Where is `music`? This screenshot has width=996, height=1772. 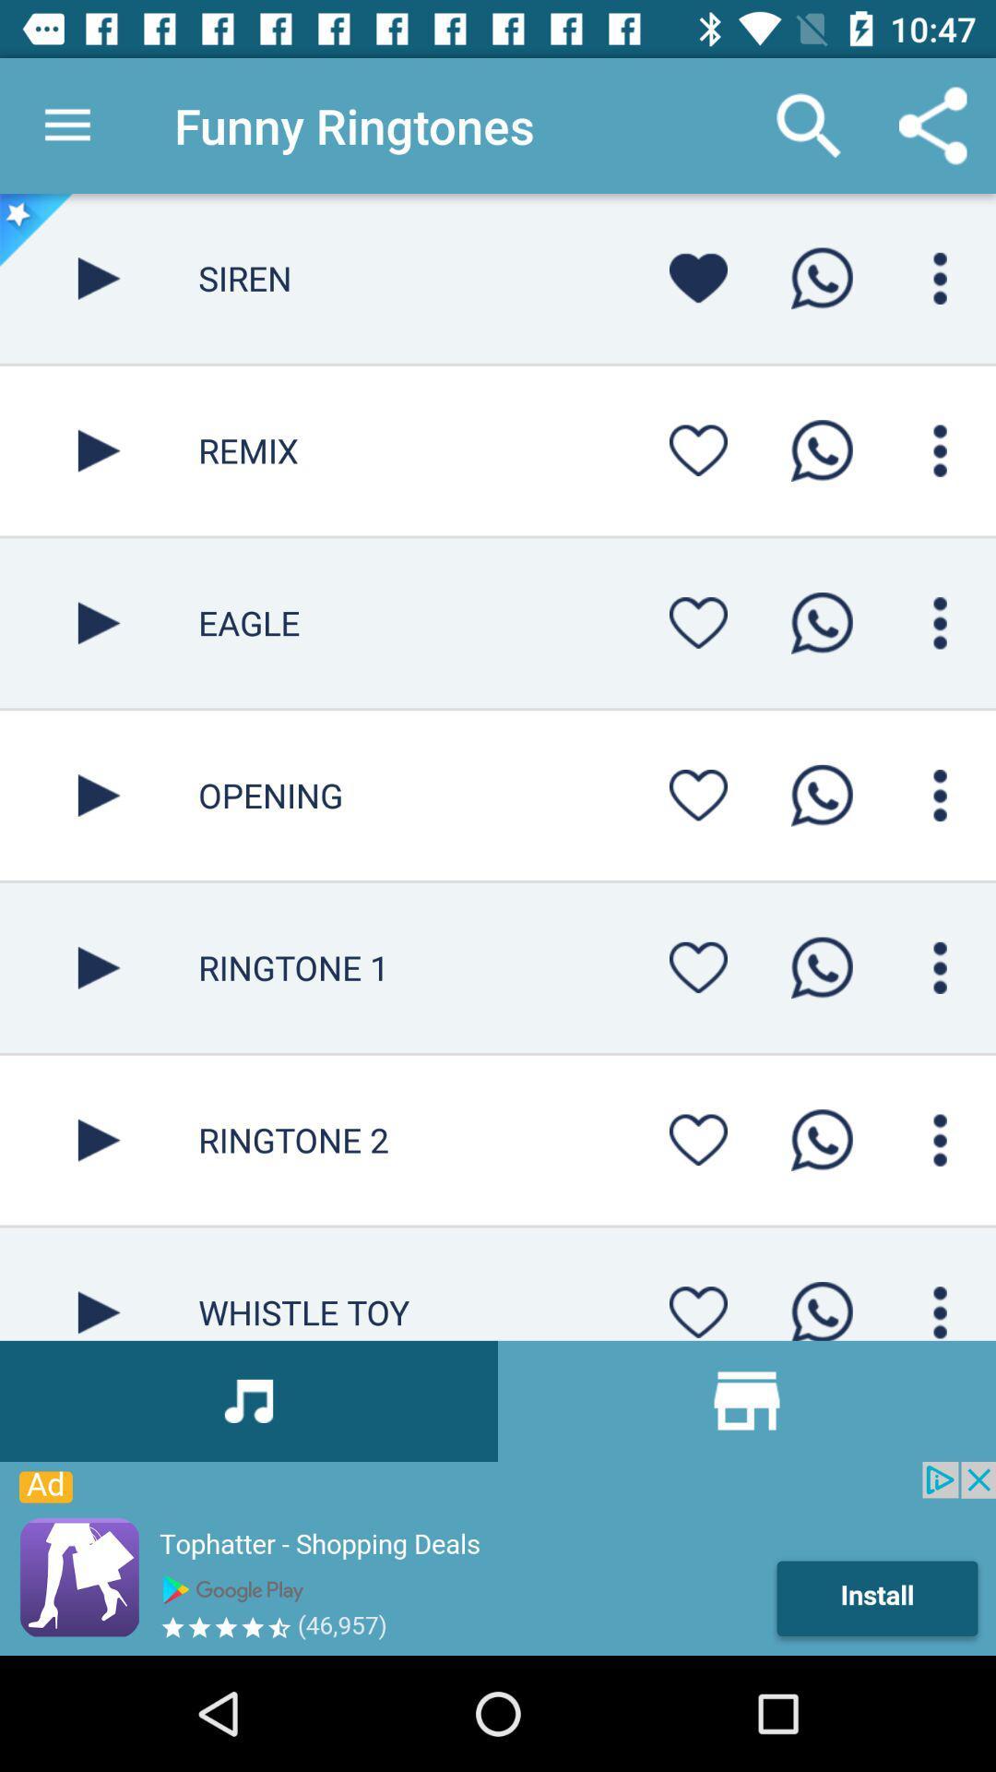 music is located at coordinates (99, 450).